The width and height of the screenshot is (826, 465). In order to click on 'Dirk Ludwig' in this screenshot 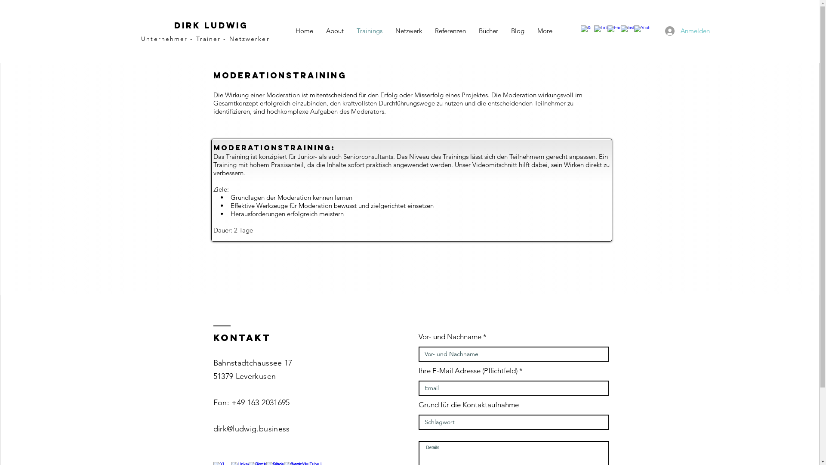, I will do `click(210, 25)`.